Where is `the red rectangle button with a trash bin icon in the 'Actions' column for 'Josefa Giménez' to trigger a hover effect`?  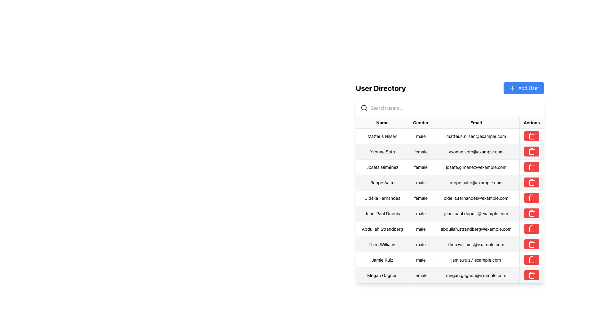
the red rectangle button with a trash bin icon in the 'Actions' column for 'Josefa Giménez' to trigger a hover effect is located at coordinates (531, 167).